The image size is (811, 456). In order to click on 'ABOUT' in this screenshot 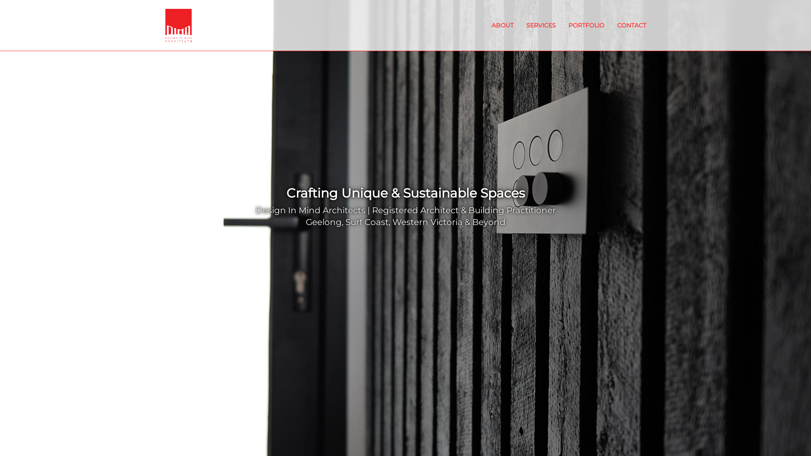, I will do `click(503, 25)`.